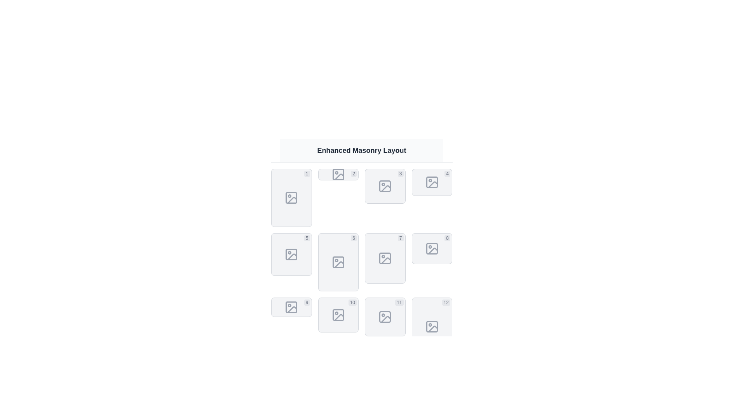  I want to click on details of the Graphical Icon or Image Placeholder Component located in the second box of the Enhanced Masonry Layout grid, which is represented as a square with rounded corners, so click(338, 175).